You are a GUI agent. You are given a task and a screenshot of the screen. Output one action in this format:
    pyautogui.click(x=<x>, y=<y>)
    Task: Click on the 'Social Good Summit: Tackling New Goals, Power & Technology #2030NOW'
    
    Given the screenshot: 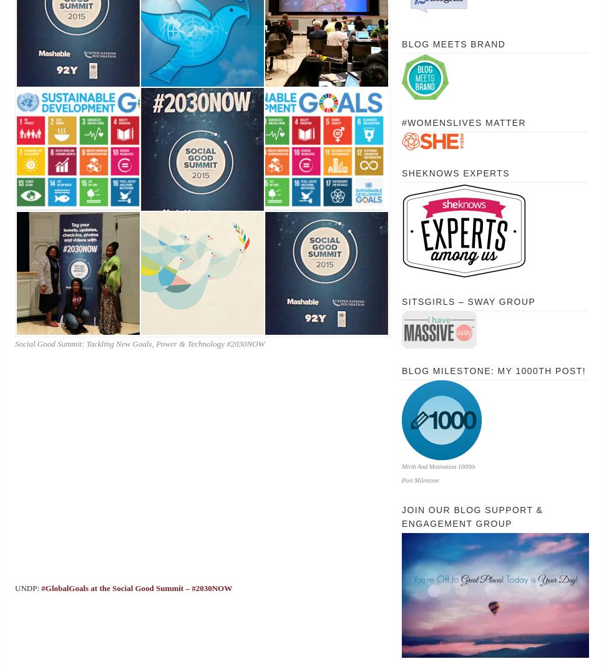 What is the action you would take?
    pyautogui.click(x=139, y=344)
    